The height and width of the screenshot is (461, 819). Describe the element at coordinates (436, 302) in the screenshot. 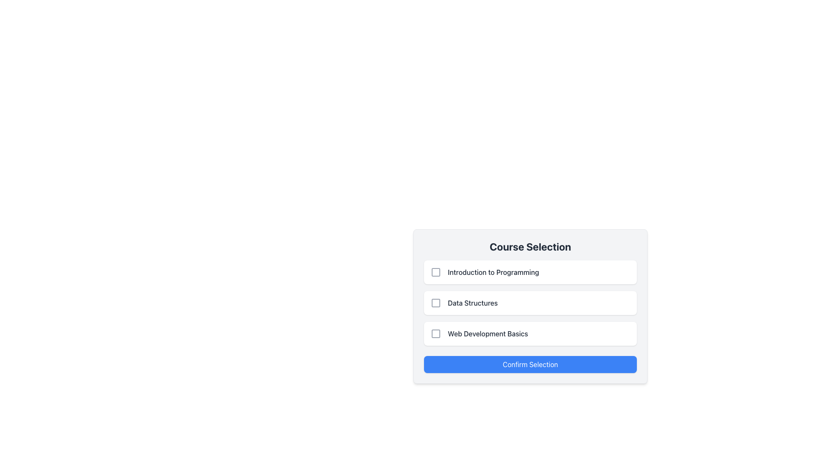

I see `the checkbox` at that location.